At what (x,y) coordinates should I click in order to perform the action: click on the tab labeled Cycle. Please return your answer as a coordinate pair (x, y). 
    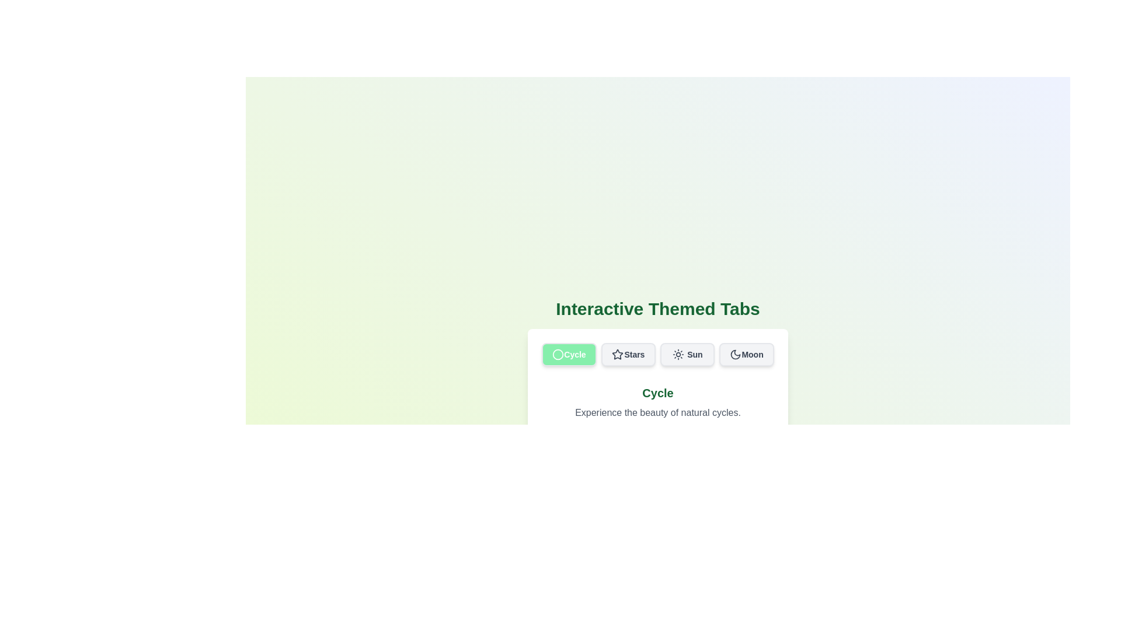
    Looking at the image, I should click on (569, 354).